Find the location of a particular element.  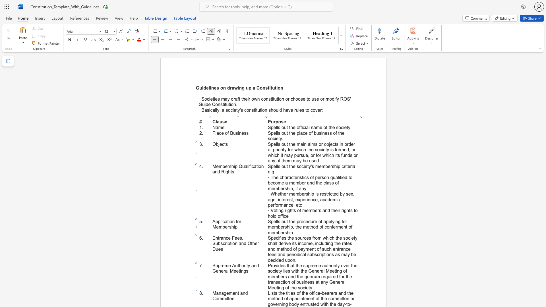

the 2th character "f" in the text is located at coordinates (340, 276).